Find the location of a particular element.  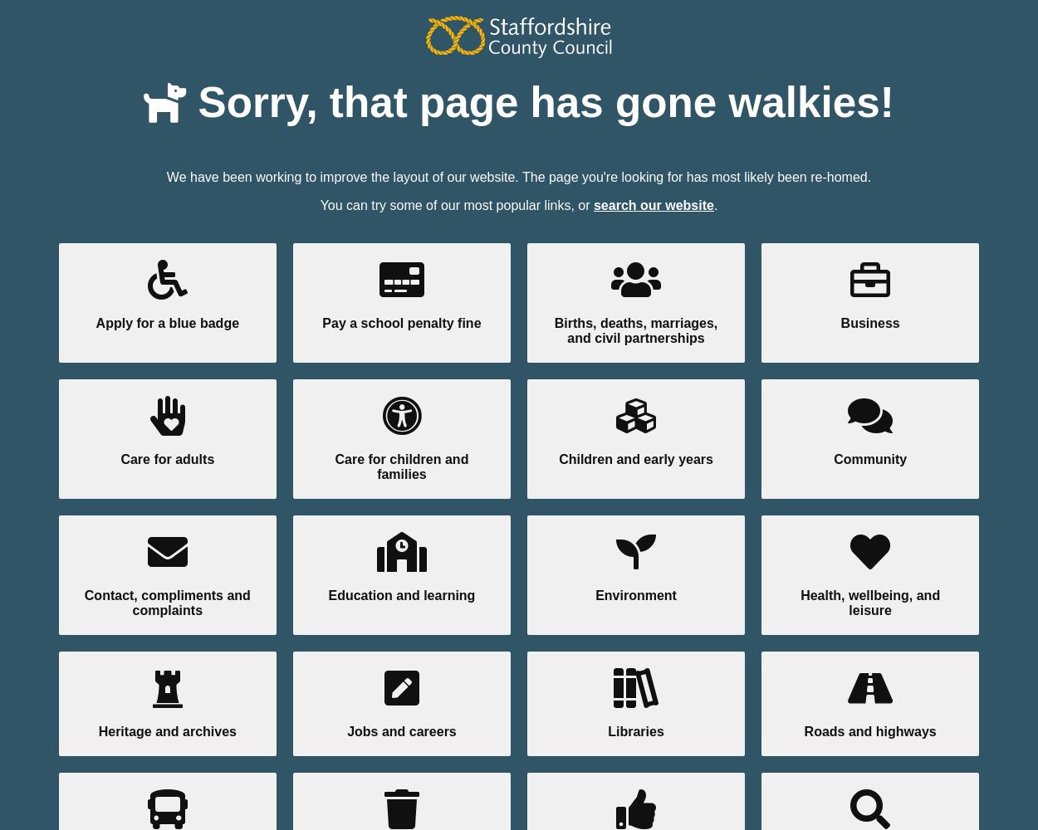

'Apply for a blue badge' is located at coordinates (166, 322).